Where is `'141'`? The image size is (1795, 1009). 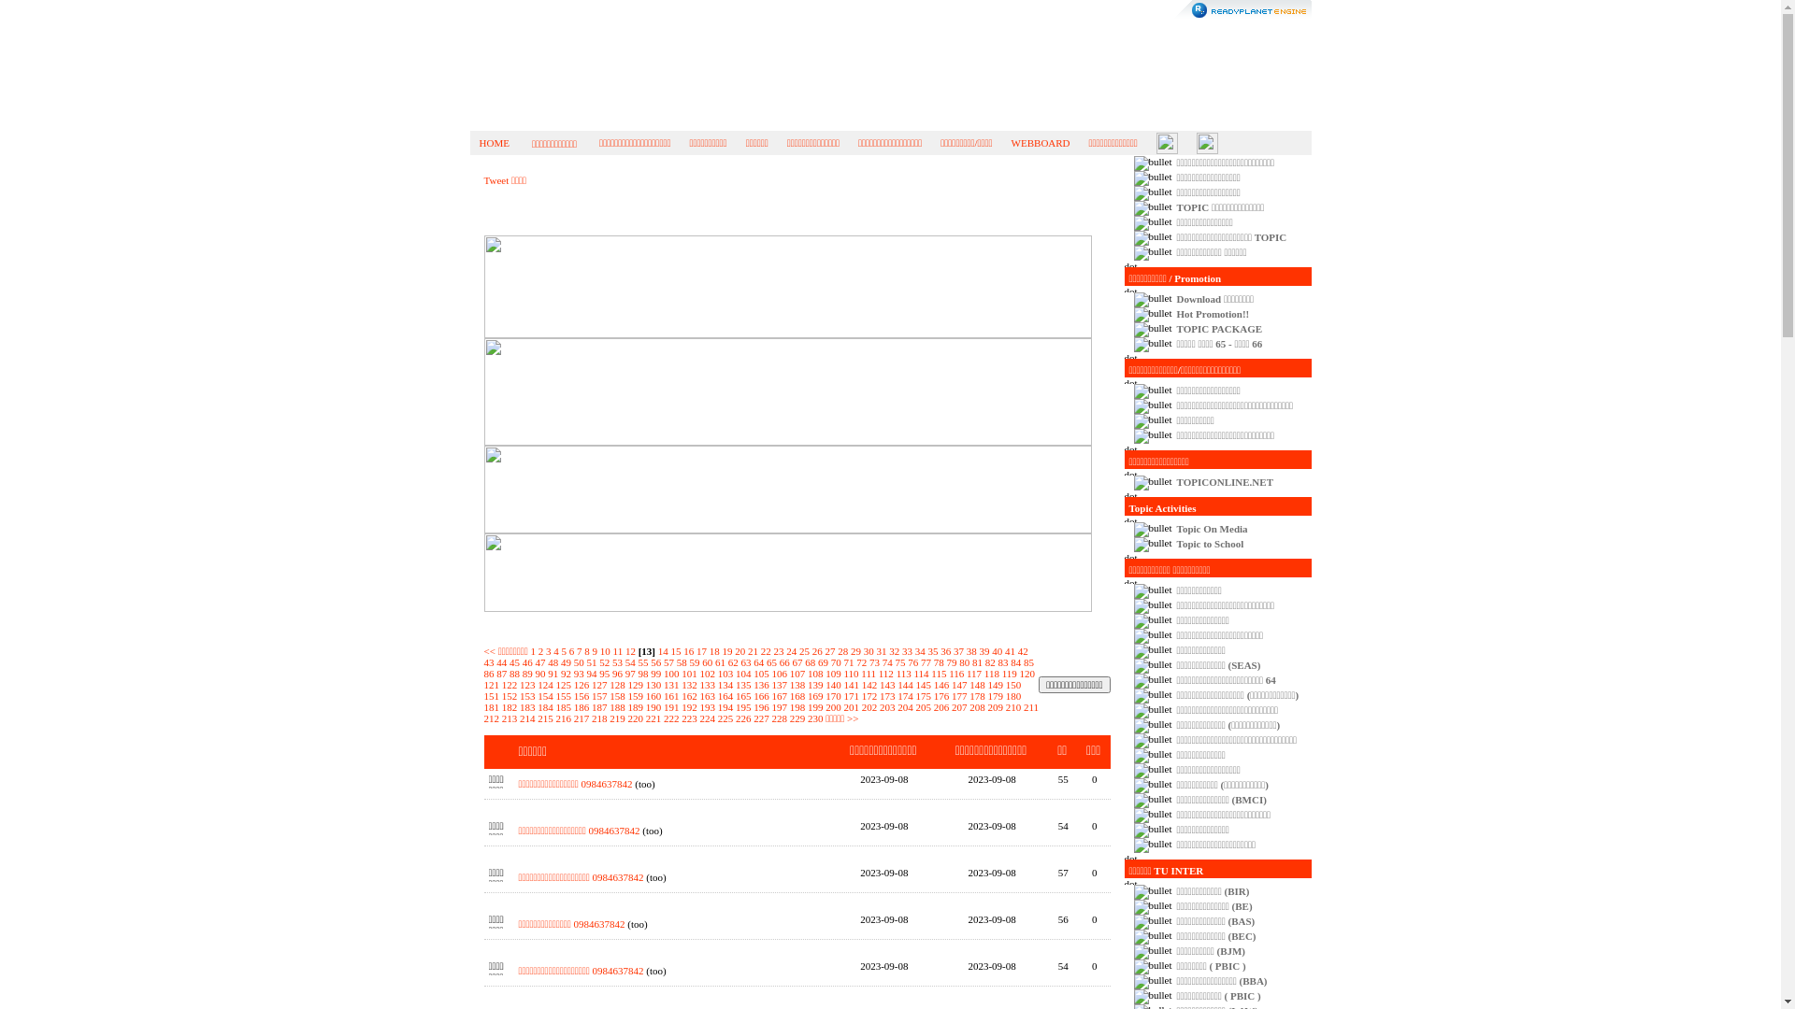
'141' is located at coordinates (850, 684).